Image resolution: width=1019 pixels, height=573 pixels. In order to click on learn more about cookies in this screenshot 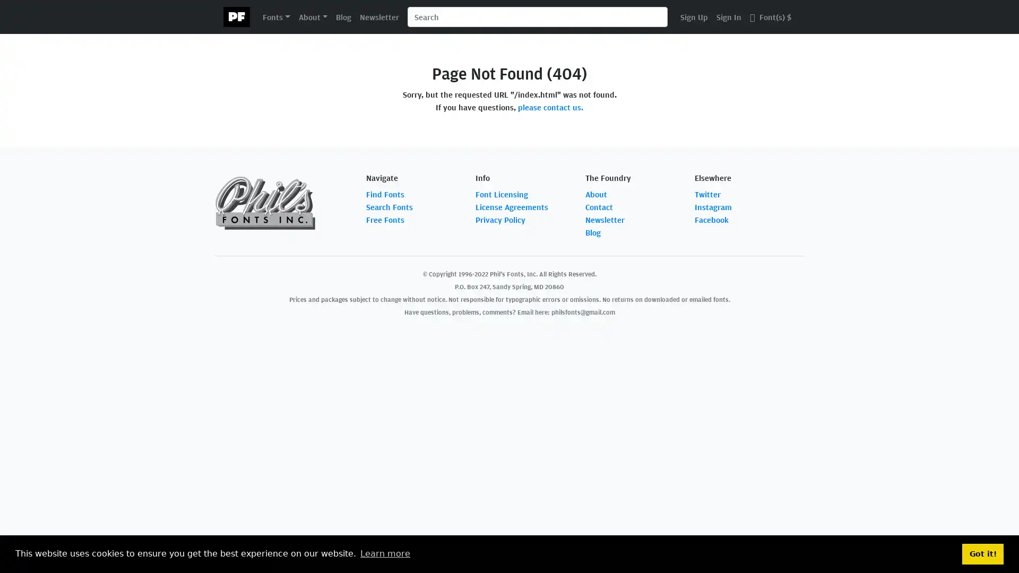, I will do `click(384, 553)`.